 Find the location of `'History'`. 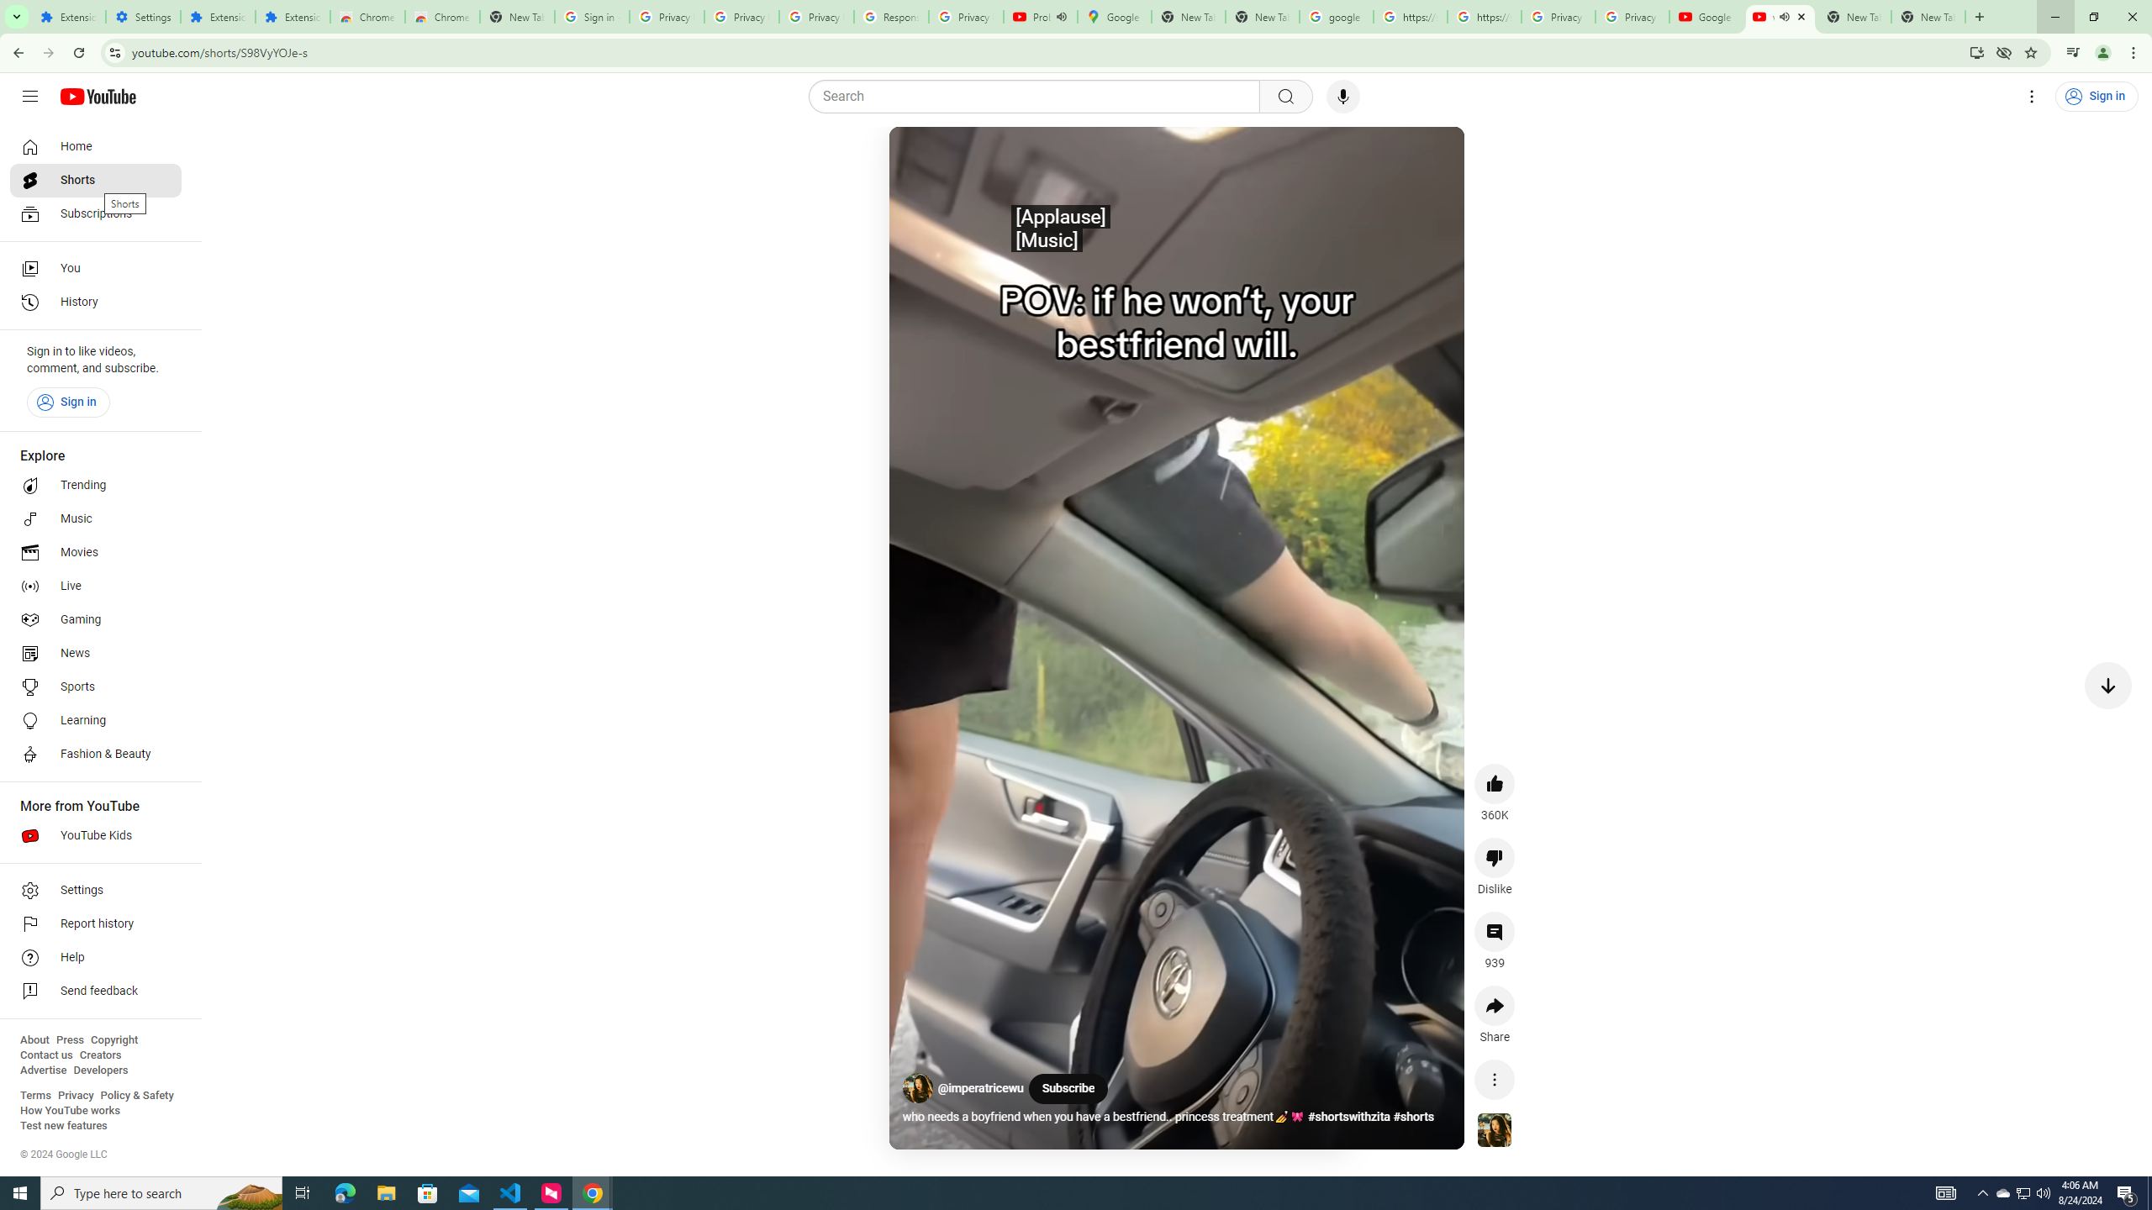

'History' is located at coordinates (95, 302).